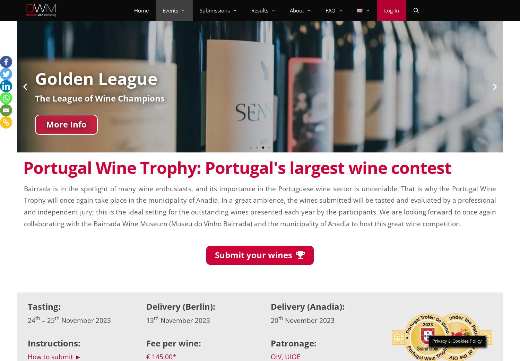 The image size is (520, 361). What do you see at coordinates (214, 10) in the screenshot?
I see `'Submissions'` at bounding box center [214, 10].